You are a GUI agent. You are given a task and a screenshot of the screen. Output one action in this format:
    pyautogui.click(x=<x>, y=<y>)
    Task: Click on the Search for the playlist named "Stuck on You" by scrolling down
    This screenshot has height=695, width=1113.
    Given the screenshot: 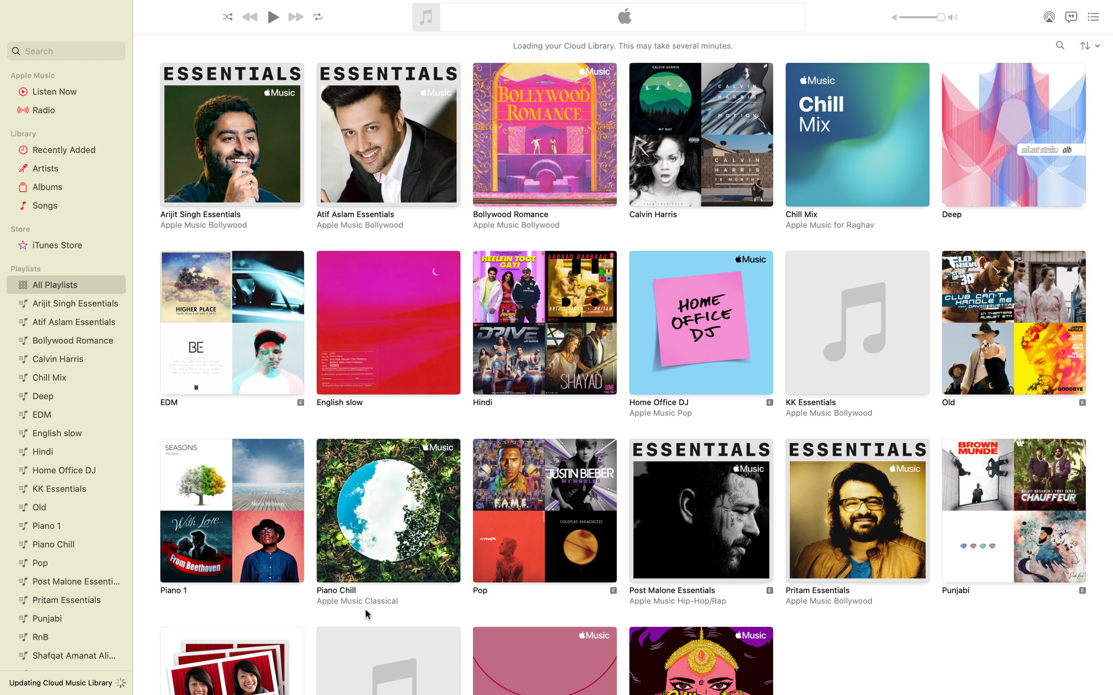 What is the action you would take?
    pyautogui.click(x=2097448, y=767280)
    